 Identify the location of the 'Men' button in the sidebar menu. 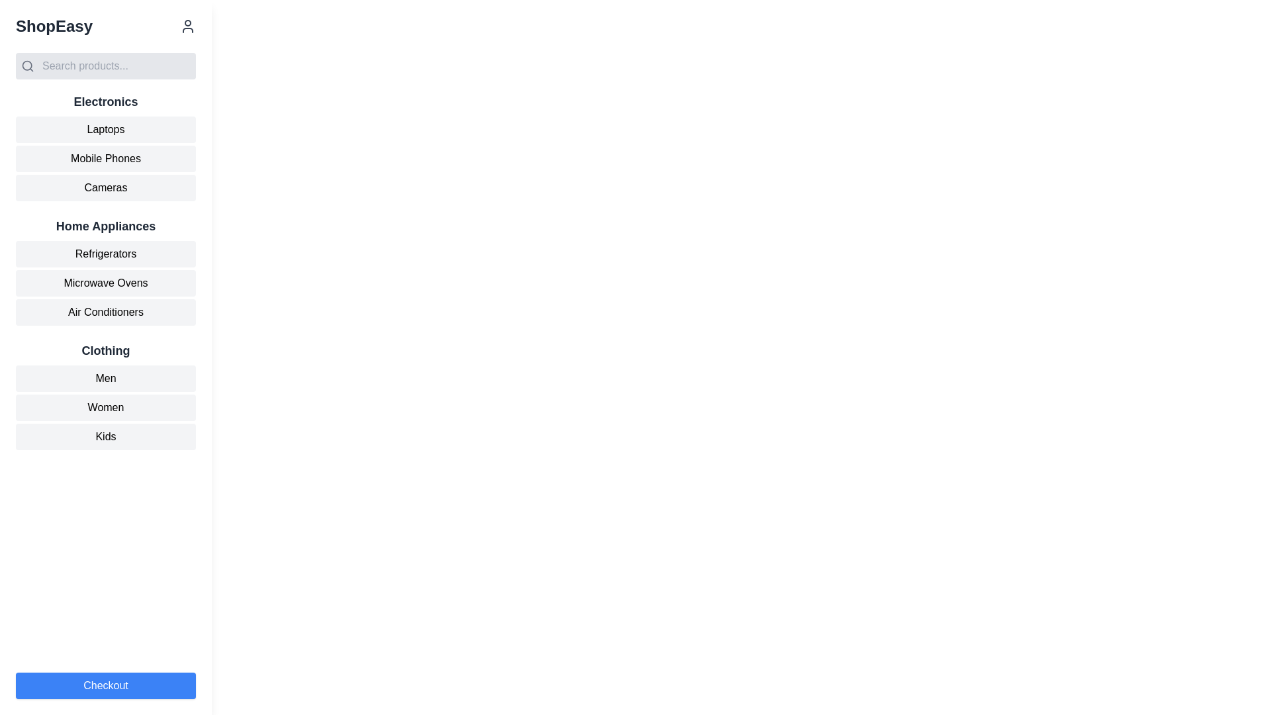
(105, 378).